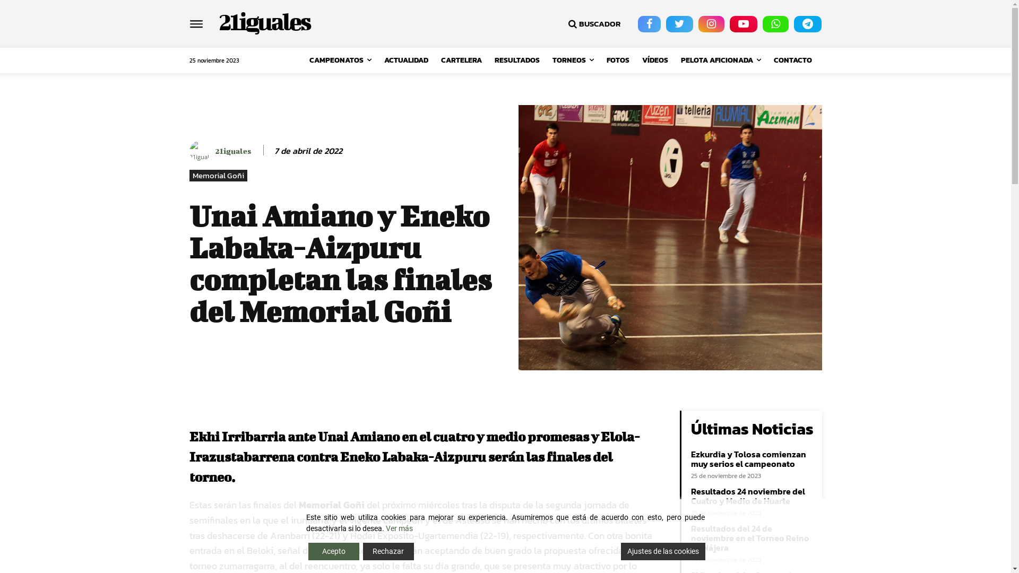  What do you see at coordinates (264, 21) in the screenshot?
I see `'21iguales'` at bounding box center [264, 21].